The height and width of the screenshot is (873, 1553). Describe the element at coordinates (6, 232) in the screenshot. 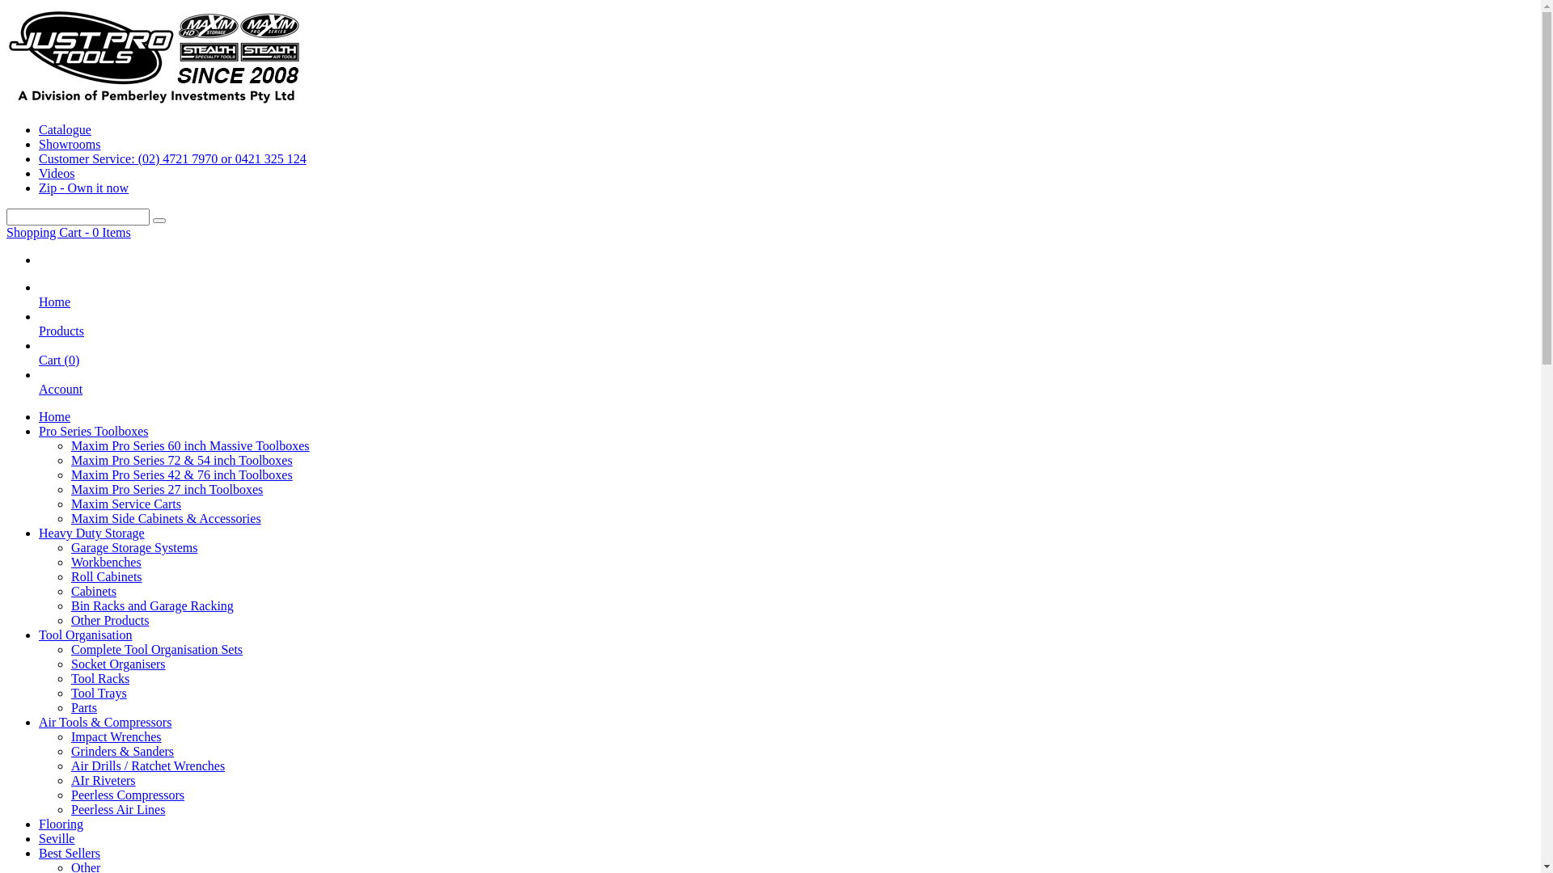

I see `'Shopping Cart - 0 Items'` at that location.